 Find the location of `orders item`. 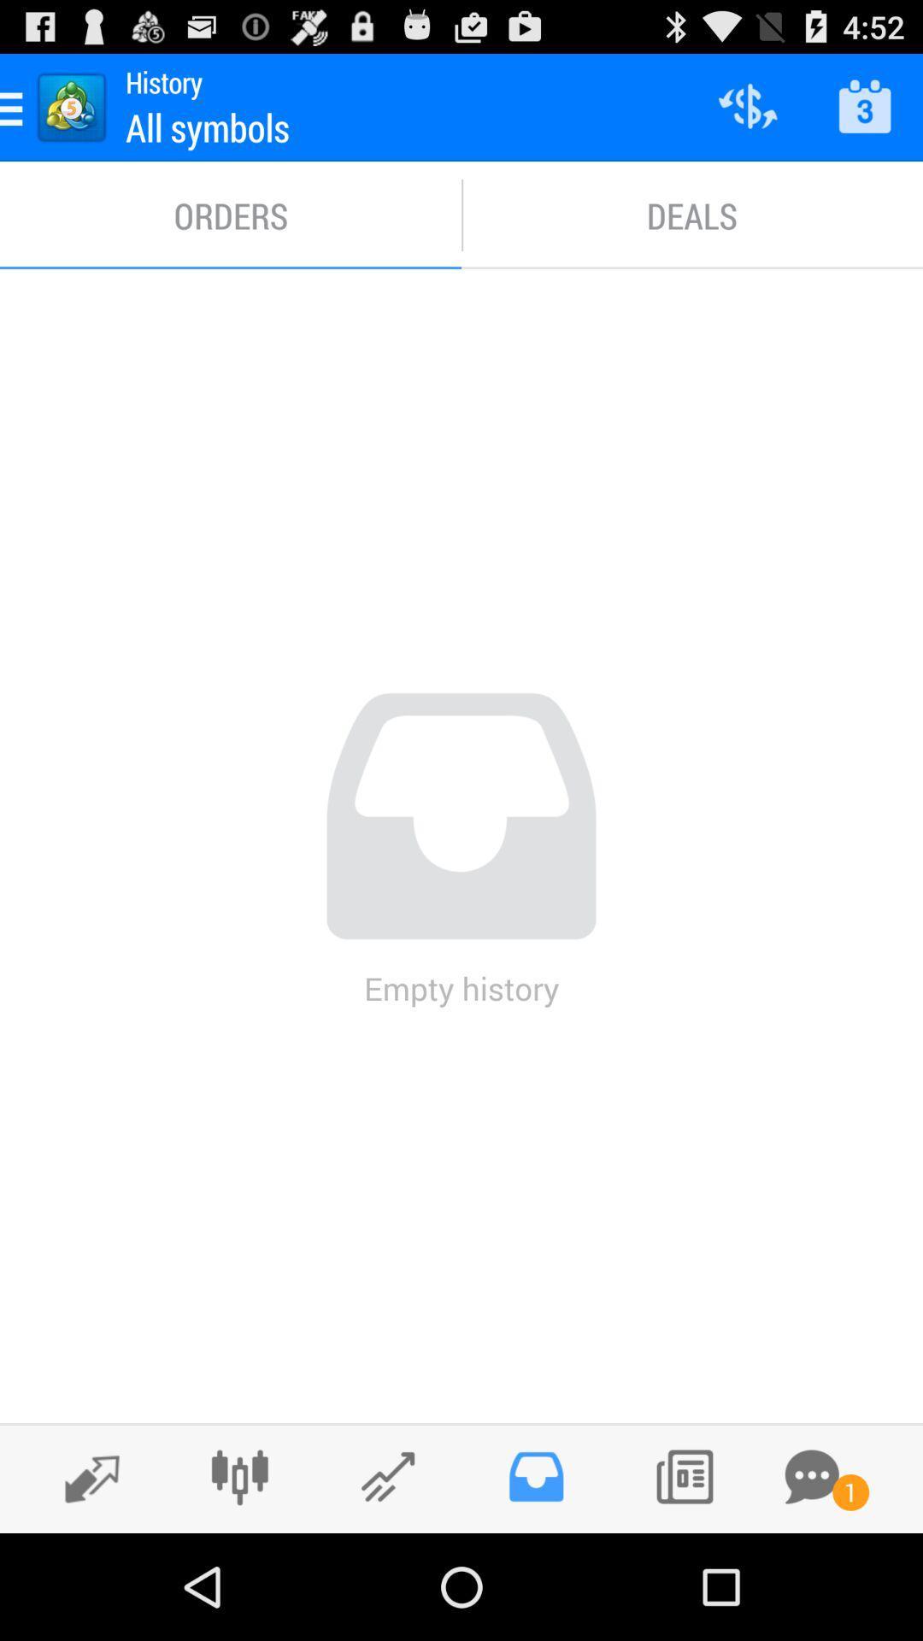

orders item is located at coordinates (231, 215).